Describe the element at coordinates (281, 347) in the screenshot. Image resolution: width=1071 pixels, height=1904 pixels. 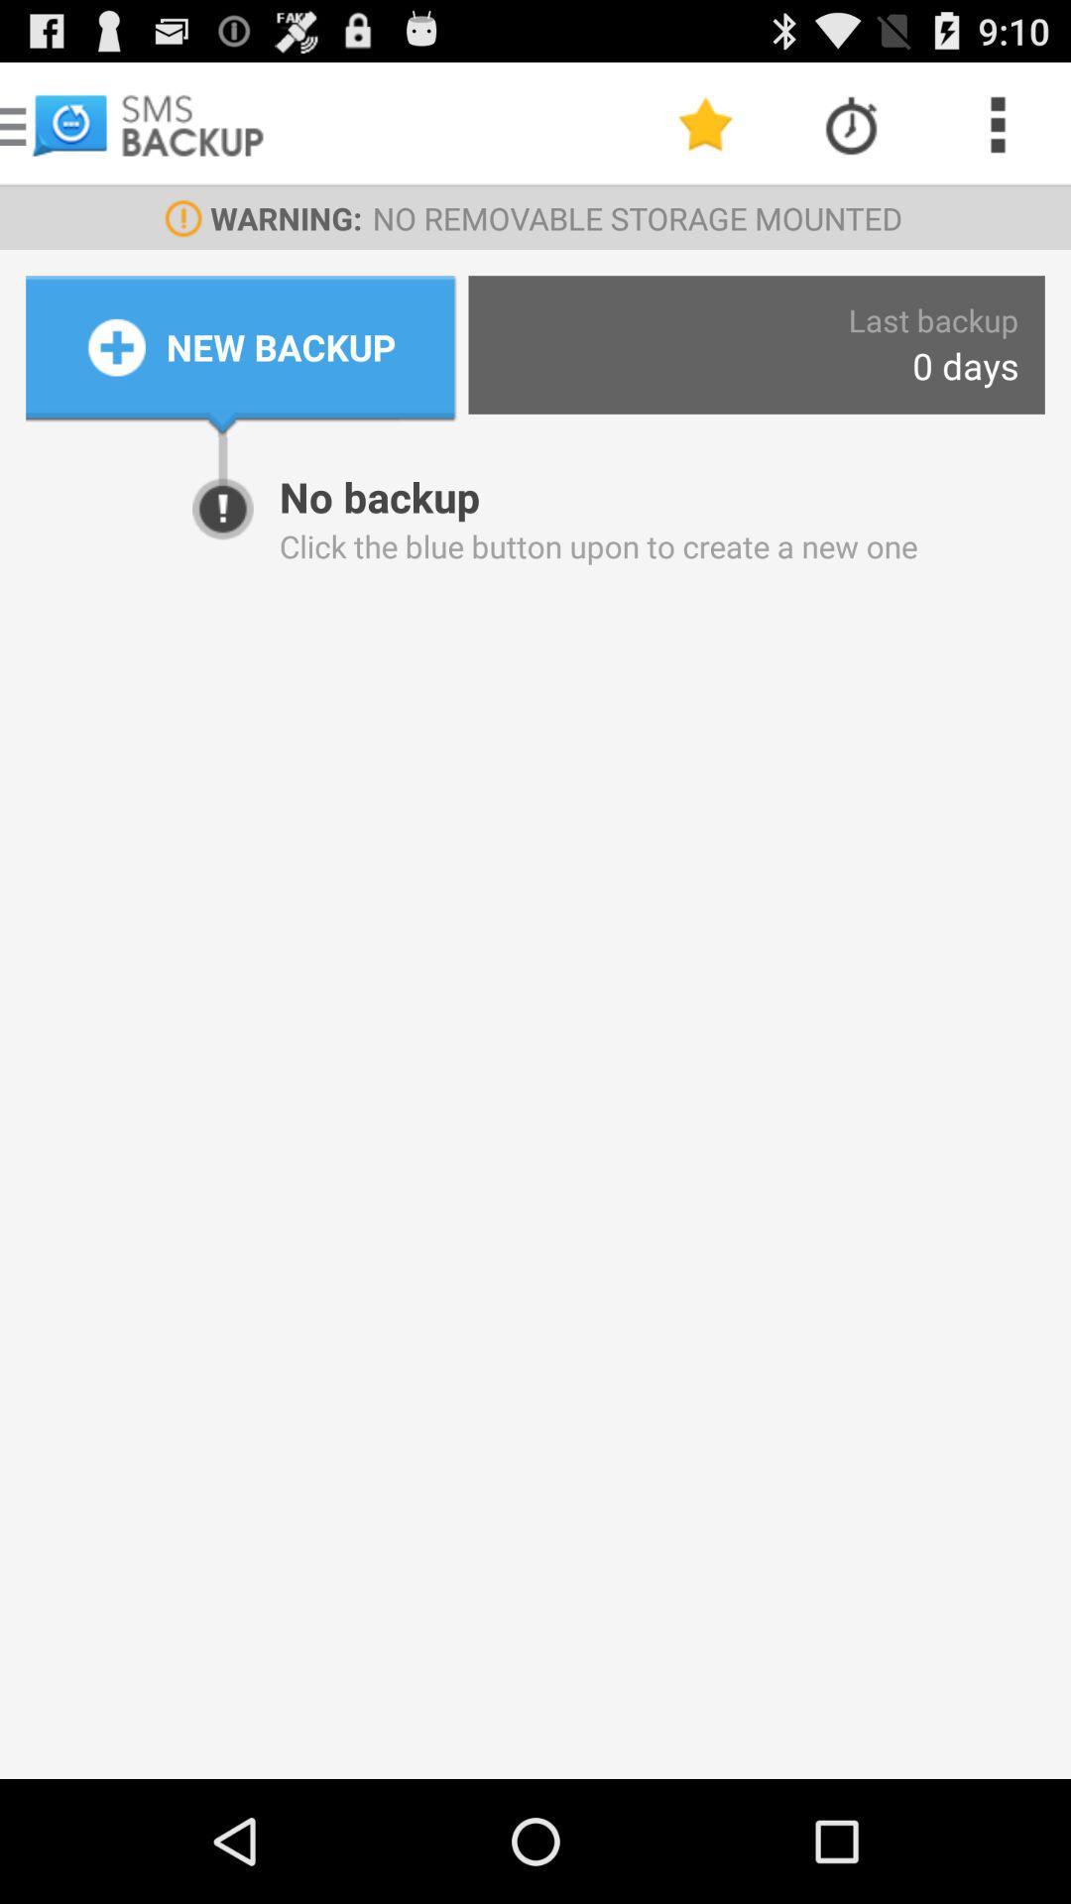
I see `the new backup app` at that location.